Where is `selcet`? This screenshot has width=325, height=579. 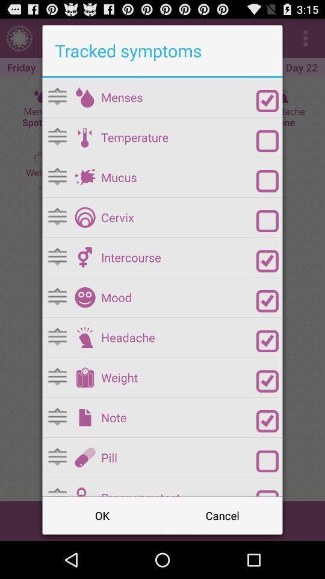
selcet is located at coordinates (267, 261).